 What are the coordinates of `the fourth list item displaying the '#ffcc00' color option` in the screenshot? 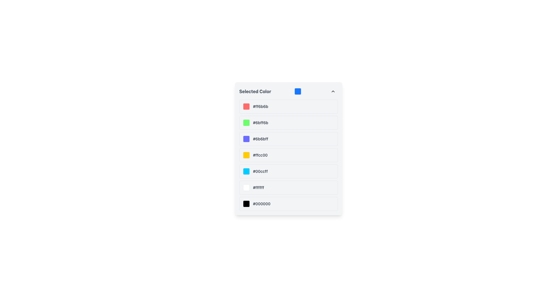 It's located at (288, 155).